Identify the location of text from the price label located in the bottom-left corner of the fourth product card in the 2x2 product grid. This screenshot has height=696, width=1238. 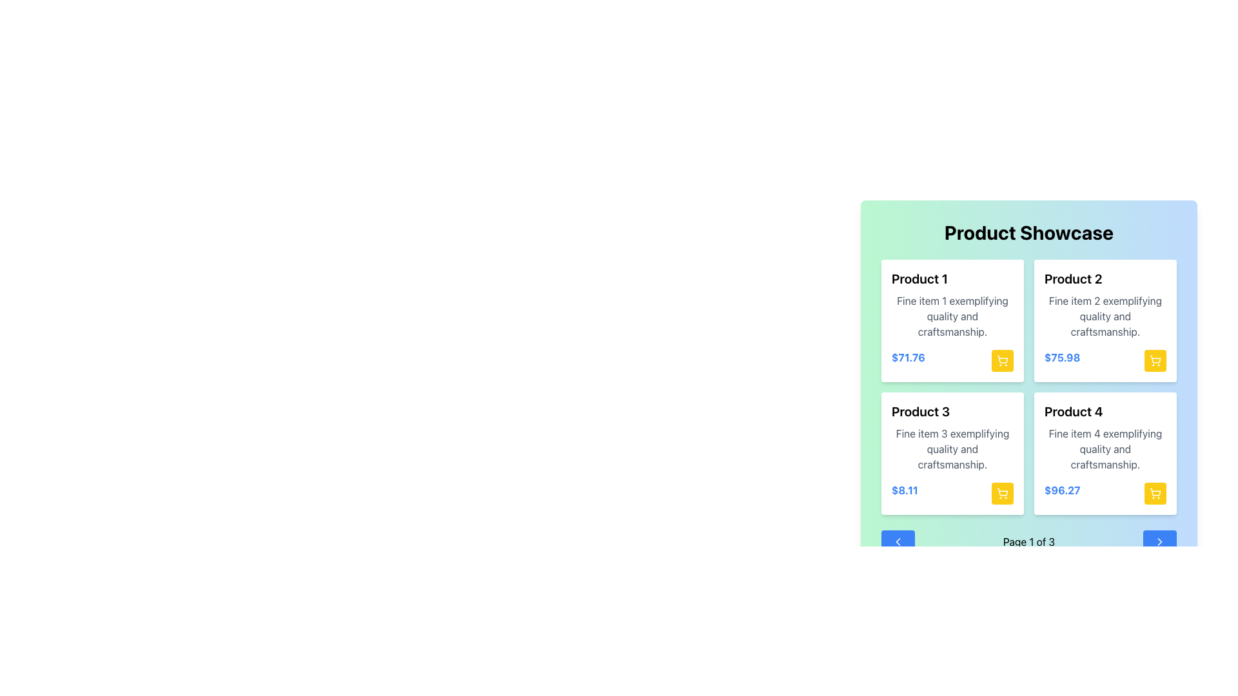
(1062, 493).